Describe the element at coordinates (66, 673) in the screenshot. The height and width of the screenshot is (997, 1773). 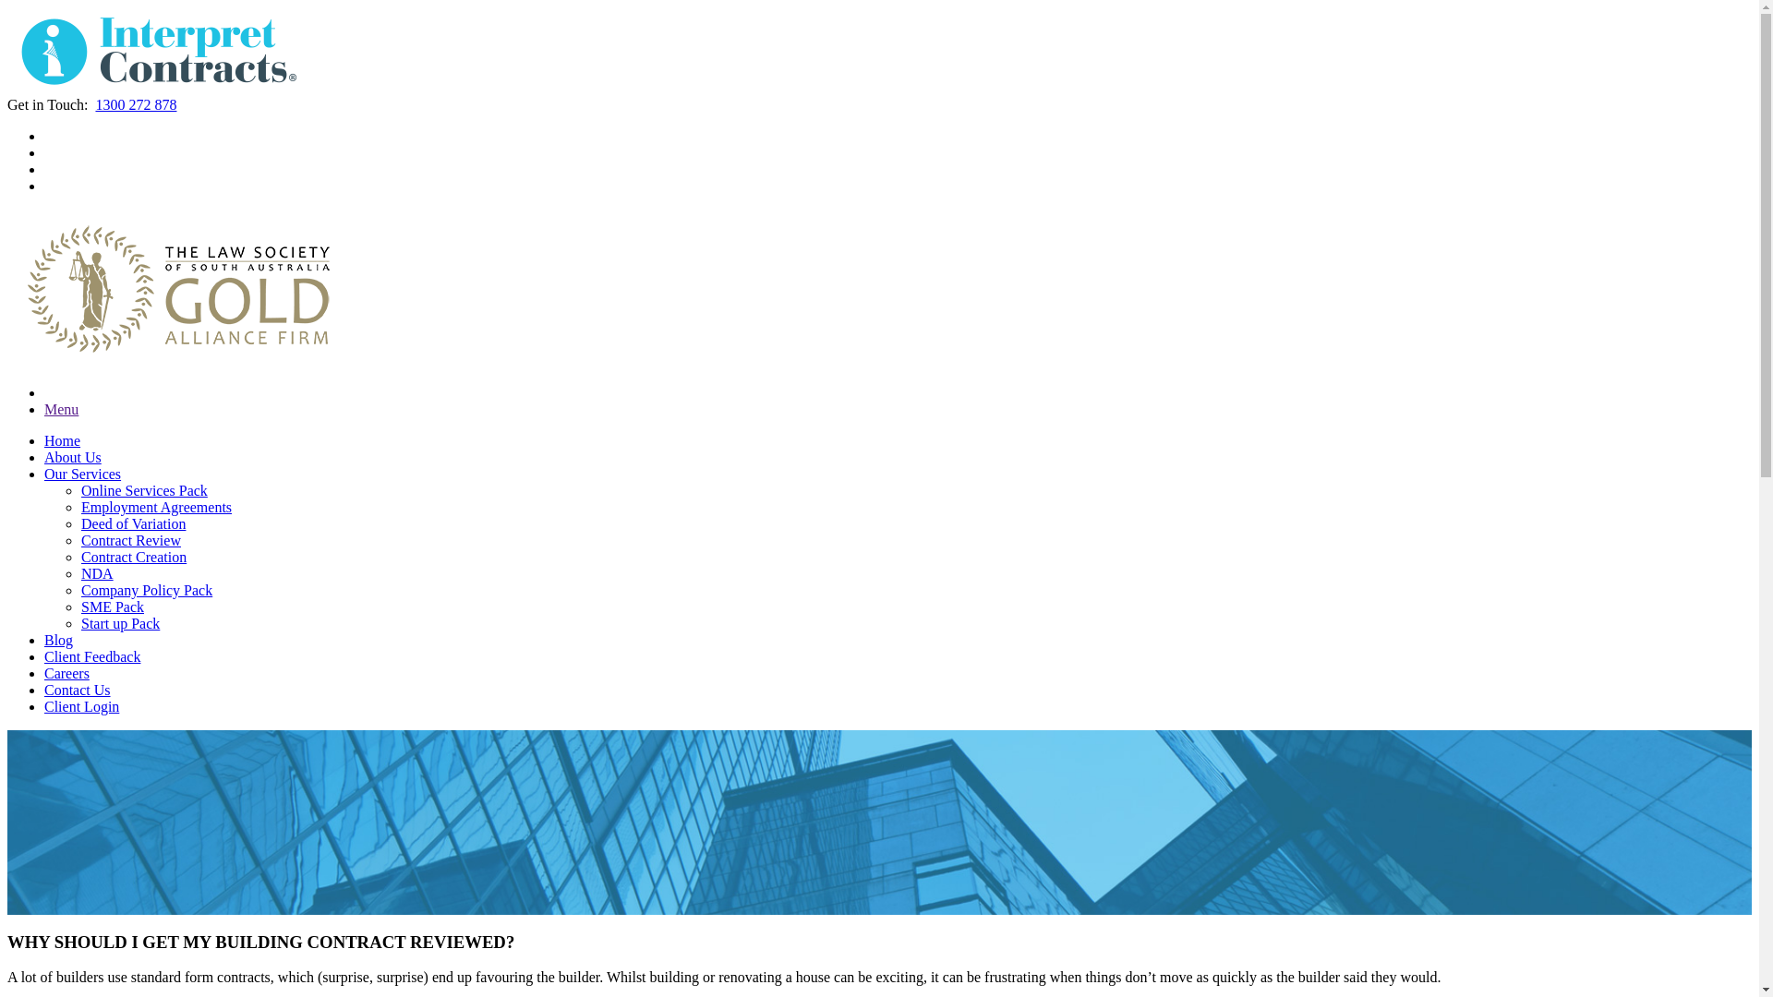
I see `'Careers'` at that location.